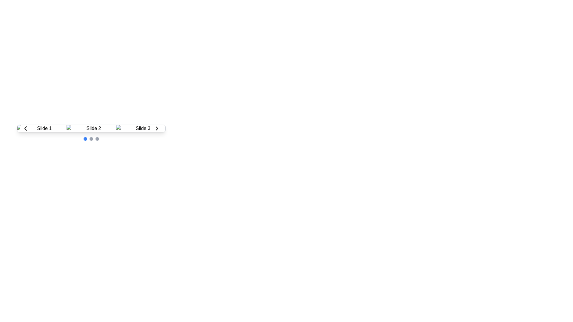  Describe the element at coordinates (157, 128) in the screenshot. I see `the right-facing chevron icon, which is an outline design on a circular white background, located at the far right of the horizontal navigation bar` at that location.